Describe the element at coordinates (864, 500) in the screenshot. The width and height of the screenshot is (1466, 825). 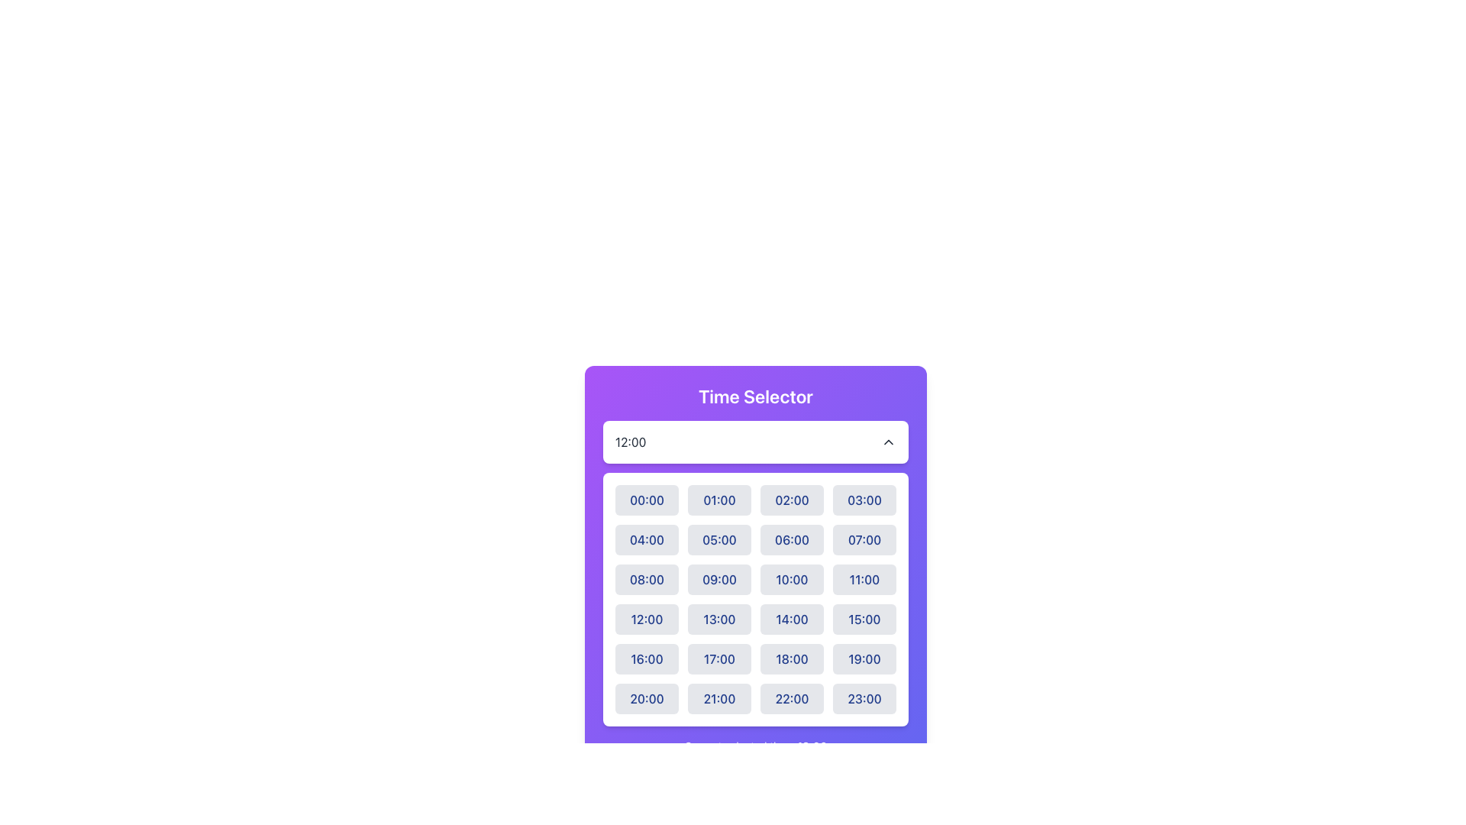
I see `the rectangular button with rounded edges displaying '03:00' in dark blue font` at that location.